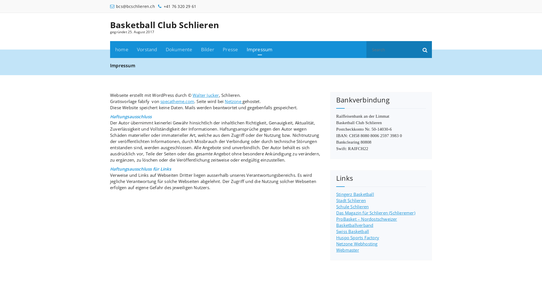  What do you see at coordinates (132, 6) in the screenshot?
I see `'bcs@bcschlieren.ch'` at bounding box center [132, 6].